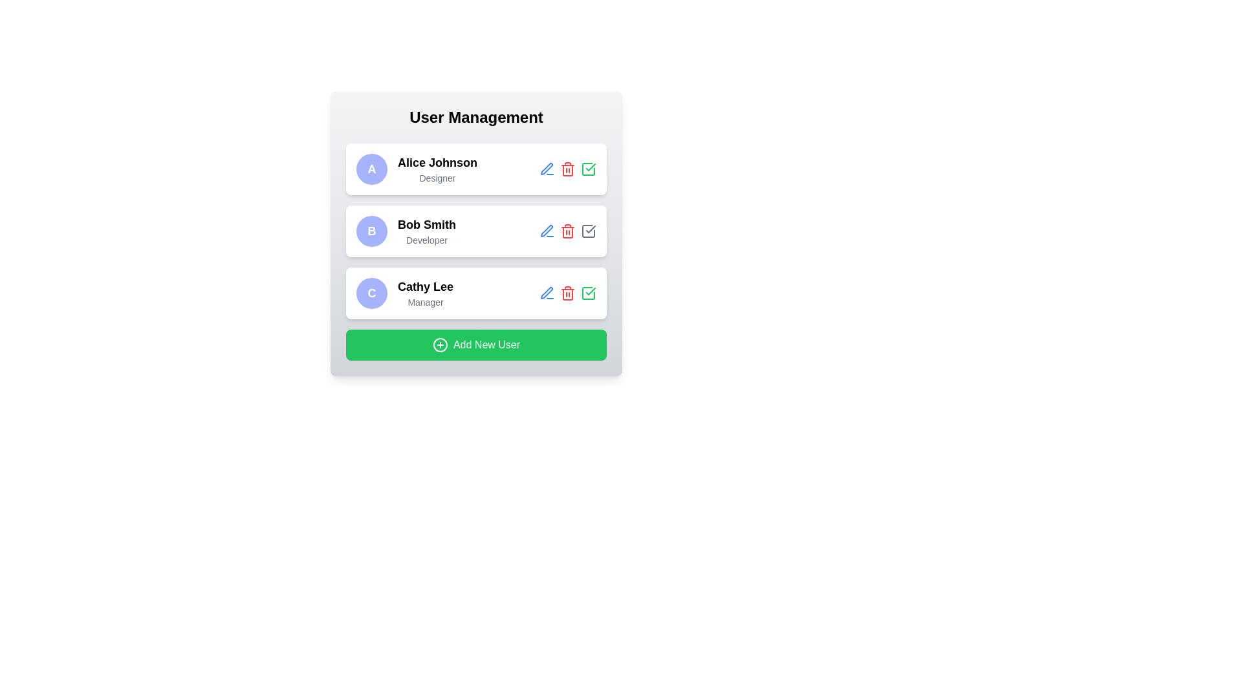 Image resolution: width=1242 pixels, height=698 pixels. What do you see at coordinates (588, 293) in the screenshot?
I see `the green checkmark icon next to the 'Cathy Lee' entry in the user management list` at bounding box center [588, 293].